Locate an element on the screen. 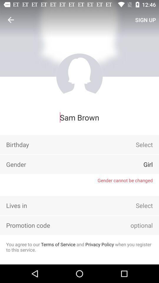  the icon above sam brown is located at coordinates (145, 20).